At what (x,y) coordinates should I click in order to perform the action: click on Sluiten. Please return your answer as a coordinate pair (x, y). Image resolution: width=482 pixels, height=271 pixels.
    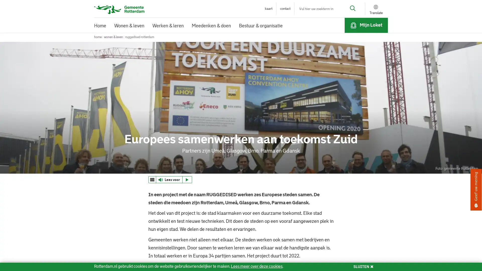
    Looking at the image, I should click on (311, 14).